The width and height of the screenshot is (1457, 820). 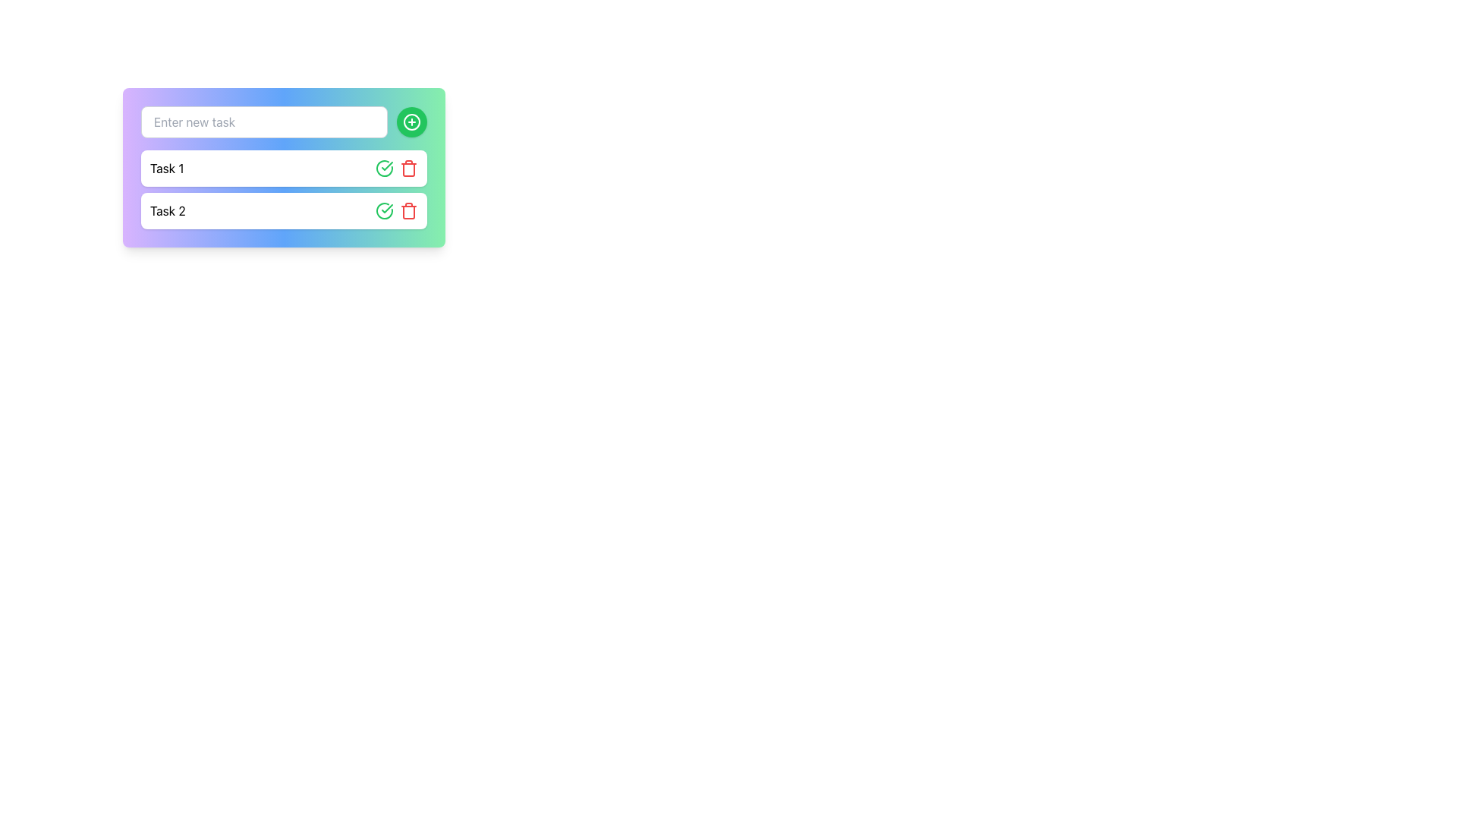 I want to click on the green circular icon button with a checkmark to mark the task as complete, located in the second row of the task list adjacent to the delete icon, so click(x=385, y=169).